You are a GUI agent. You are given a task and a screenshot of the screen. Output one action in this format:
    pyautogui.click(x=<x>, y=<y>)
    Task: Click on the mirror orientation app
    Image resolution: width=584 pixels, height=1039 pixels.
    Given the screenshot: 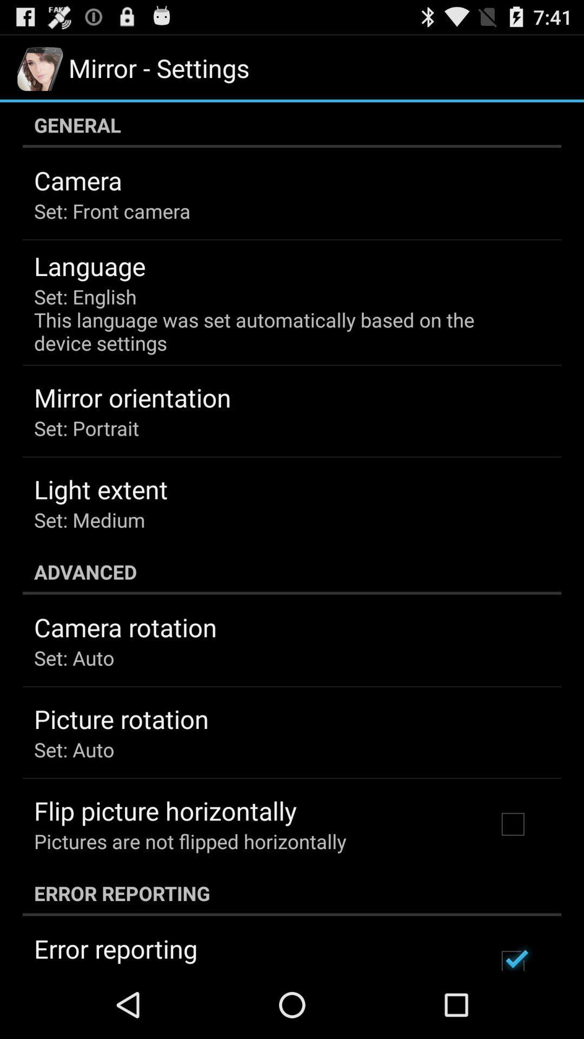 What is the action you would take?
    pyautogui.click(x=132, y=397)
    